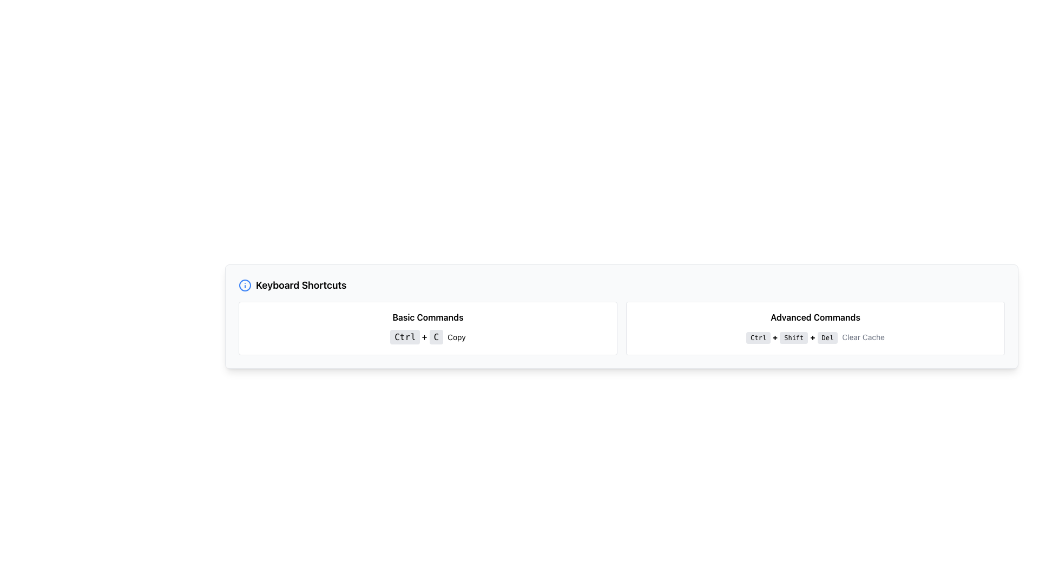 The image size is (1039, 584). I want to click on the 'Copy' text label located at the far right of the 'Ctrl + C' command sequence, which is styled with a smaller font size and is part of a horizontal layout, so click(457, 336).